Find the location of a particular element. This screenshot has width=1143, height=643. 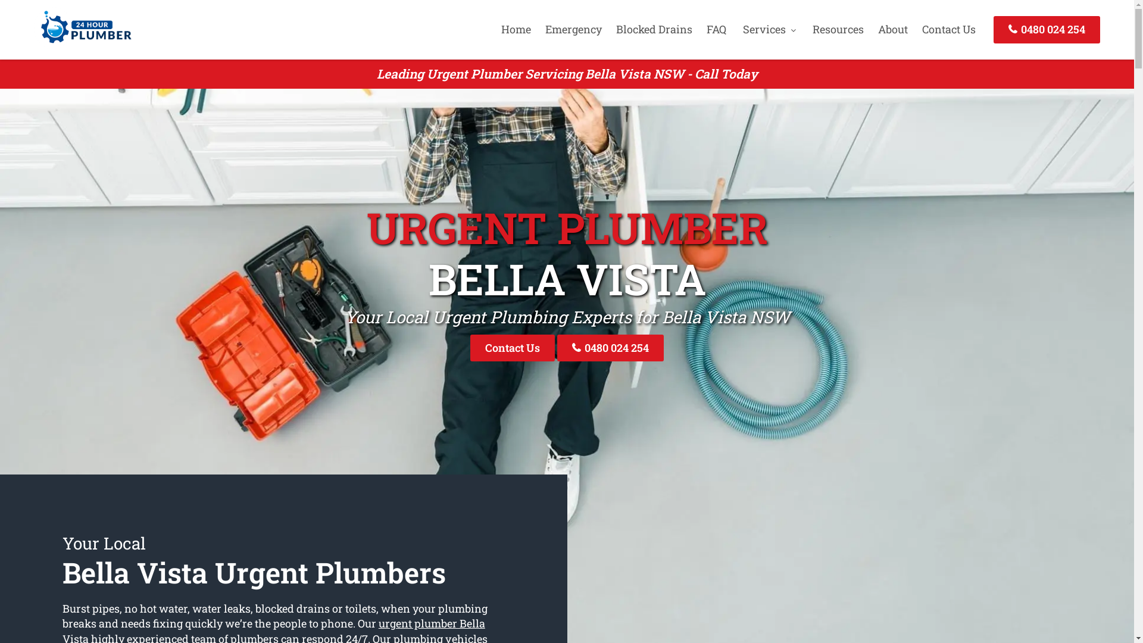

'Home' is located at coordinates (516, 29).